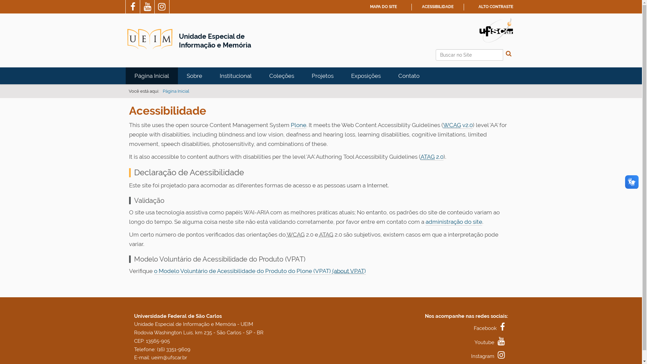 This screenshot has width=647, height=364. I want to click on 'WCAG v2.0', so click(458, 125).